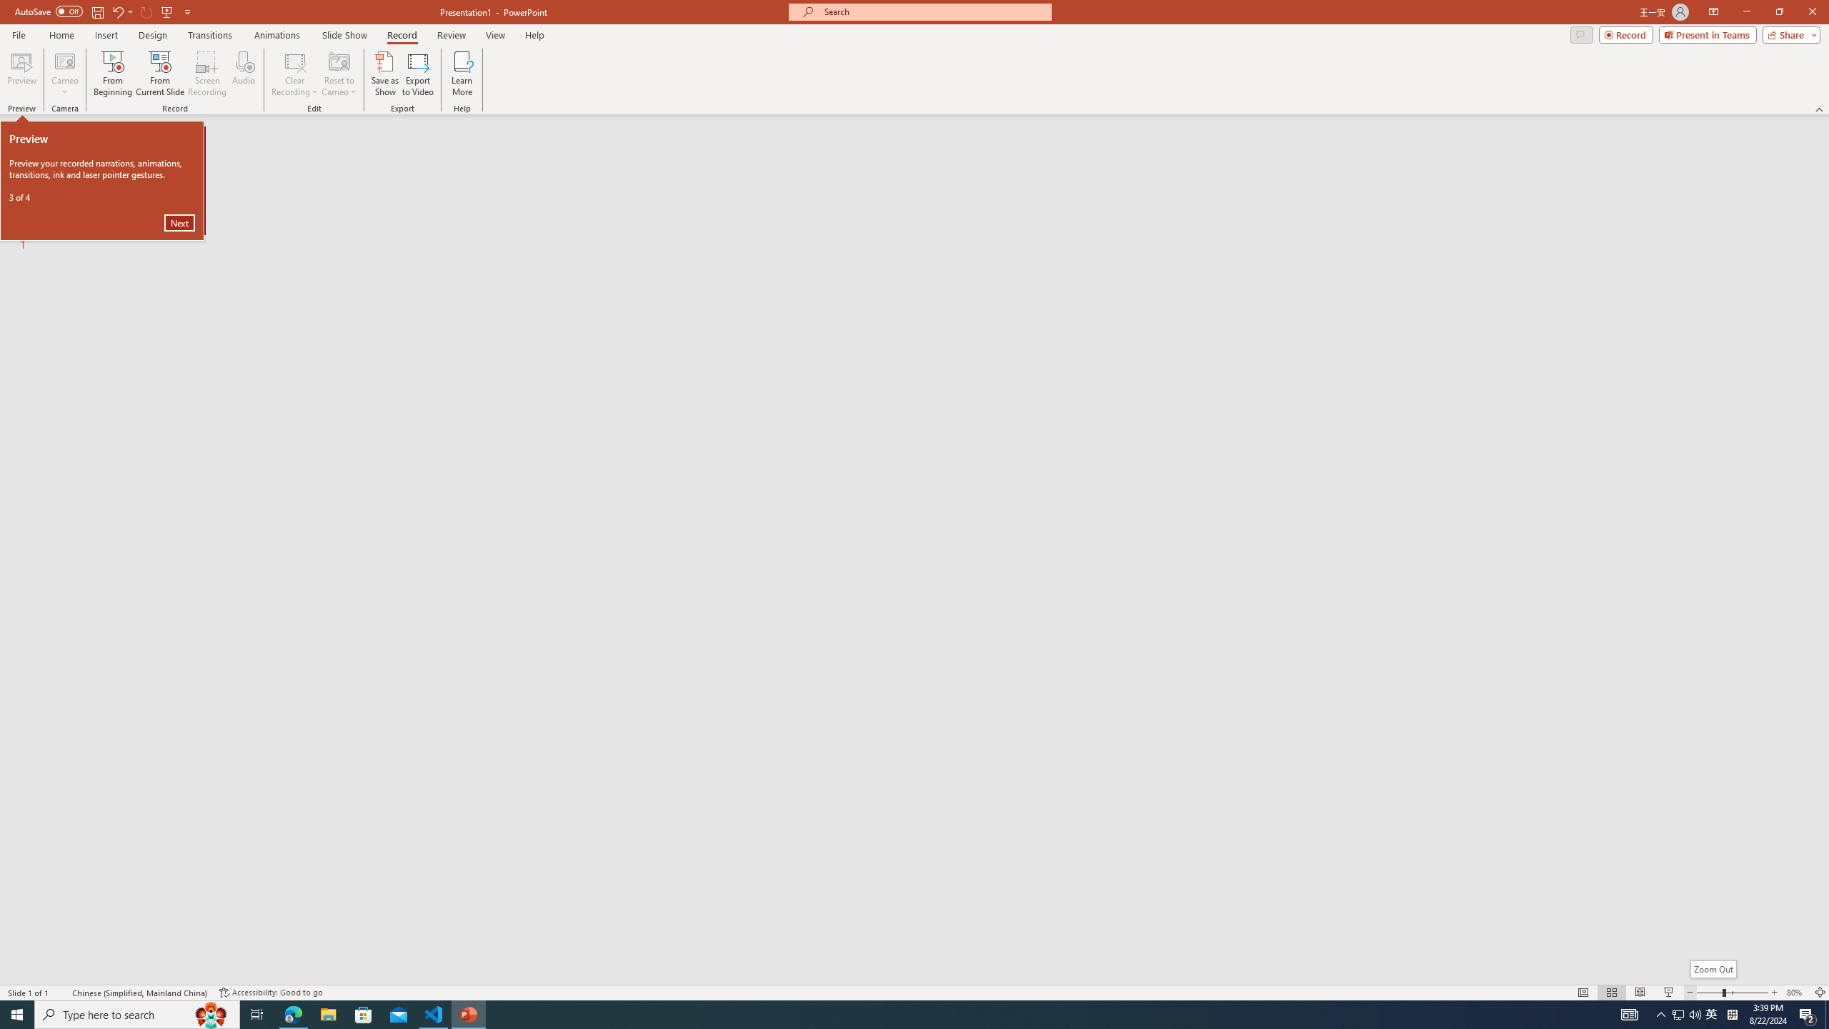 The height and width of the screenshot is (1029, 1829). I want to click on 'Audio', so click(242, 74).